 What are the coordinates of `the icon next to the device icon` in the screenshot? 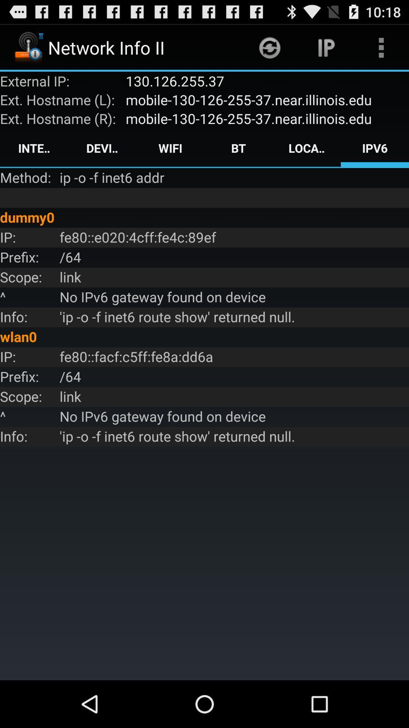 It's located at (170, 148).